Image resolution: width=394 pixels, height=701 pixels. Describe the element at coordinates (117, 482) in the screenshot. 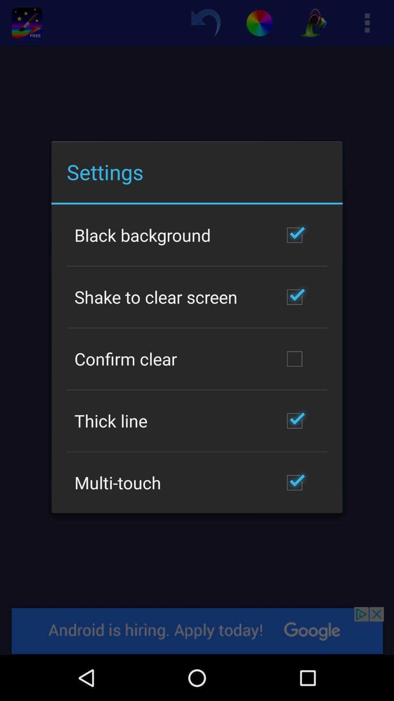

I see `multi-touch app` at that location.